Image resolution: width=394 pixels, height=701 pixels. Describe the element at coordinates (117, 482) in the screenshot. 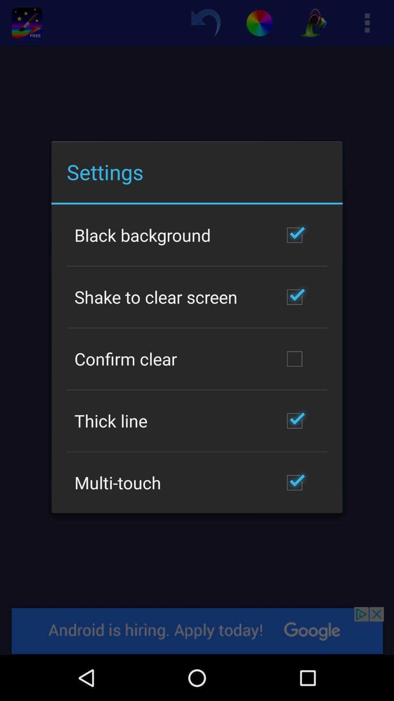

I see `multi-touch app` at that location.